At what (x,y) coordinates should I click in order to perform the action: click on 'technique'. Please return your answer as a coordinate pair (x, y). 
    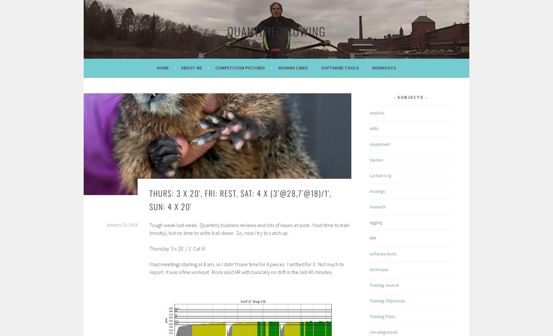
    Looking at the image, I should click on (378, 269).